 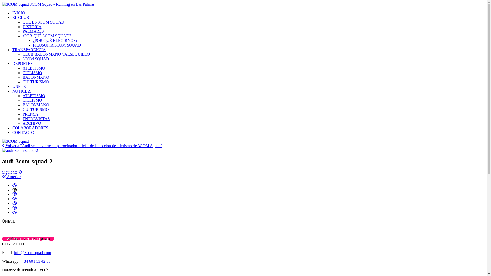 I want to click on 'HISTORIA', so click(x=31, y=27).